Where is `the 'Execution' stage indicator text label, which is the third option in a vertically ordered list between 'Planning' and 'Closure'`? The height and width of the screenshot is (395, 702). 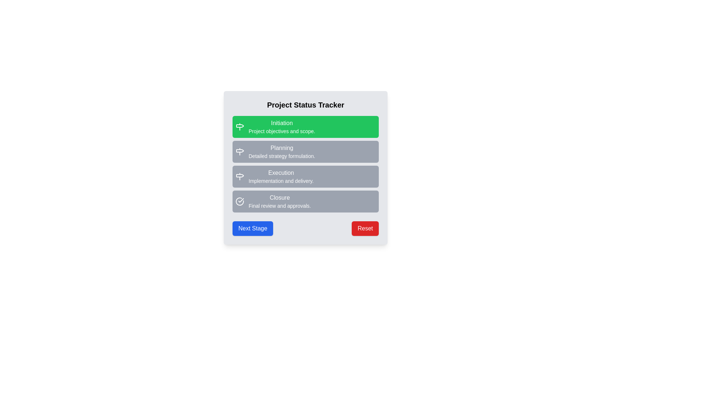
the 'Execution' stage indicator text label, which is the third option in a vertically ordered list between 'Planning' and 'Closure' is located at coordinates (280, 176).